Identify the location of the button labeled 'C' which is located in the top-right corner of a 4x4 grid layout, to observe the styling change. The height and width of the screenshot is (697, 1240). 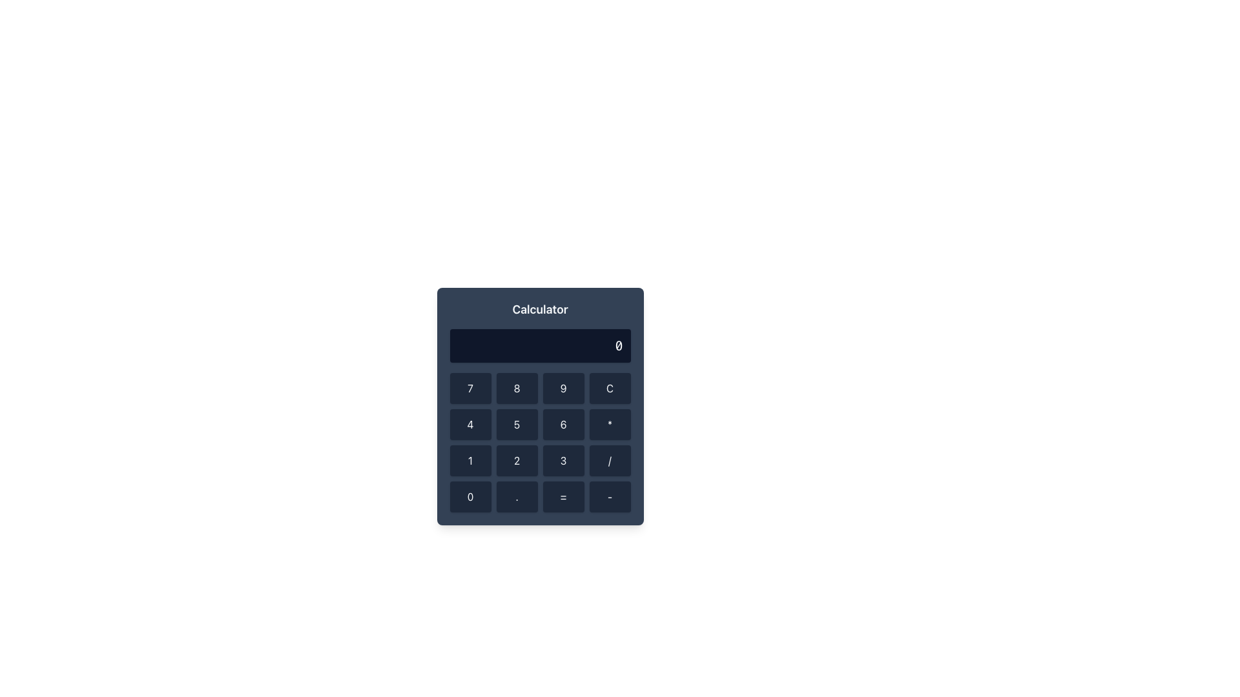
(609, 387).